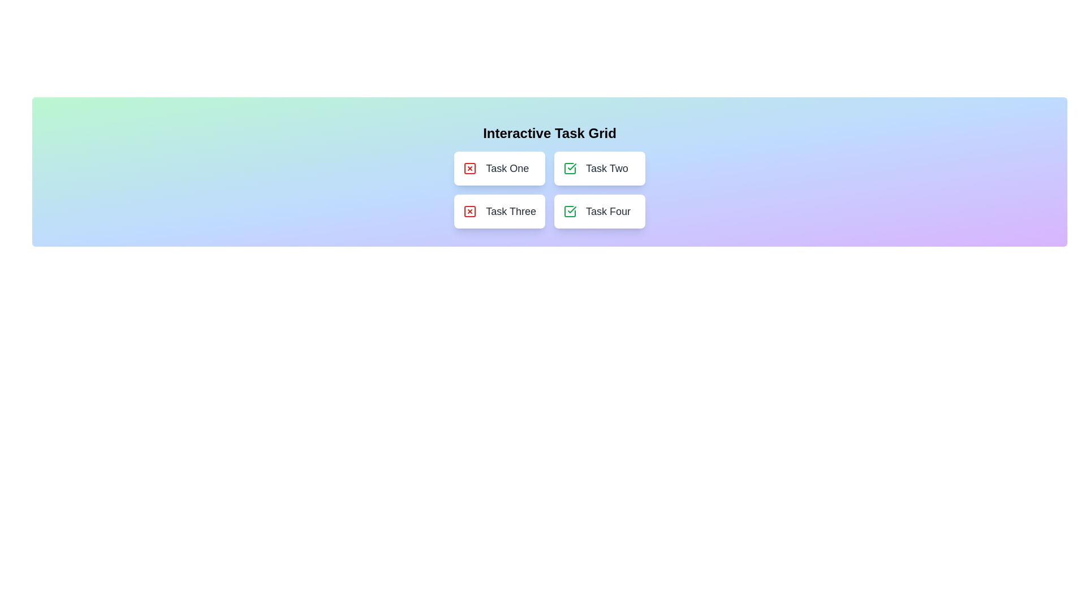 This screenshot has width=1086, height=611. I want to click on the button corresponding to Task Two to toggle its status, so click(599, 168).